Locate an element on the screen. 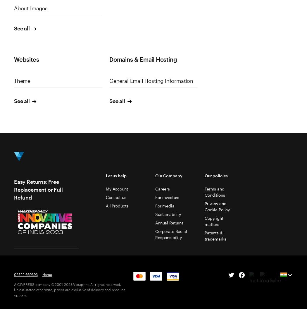  'Domains & Email Hosting' is located at coordinates (143, 59).